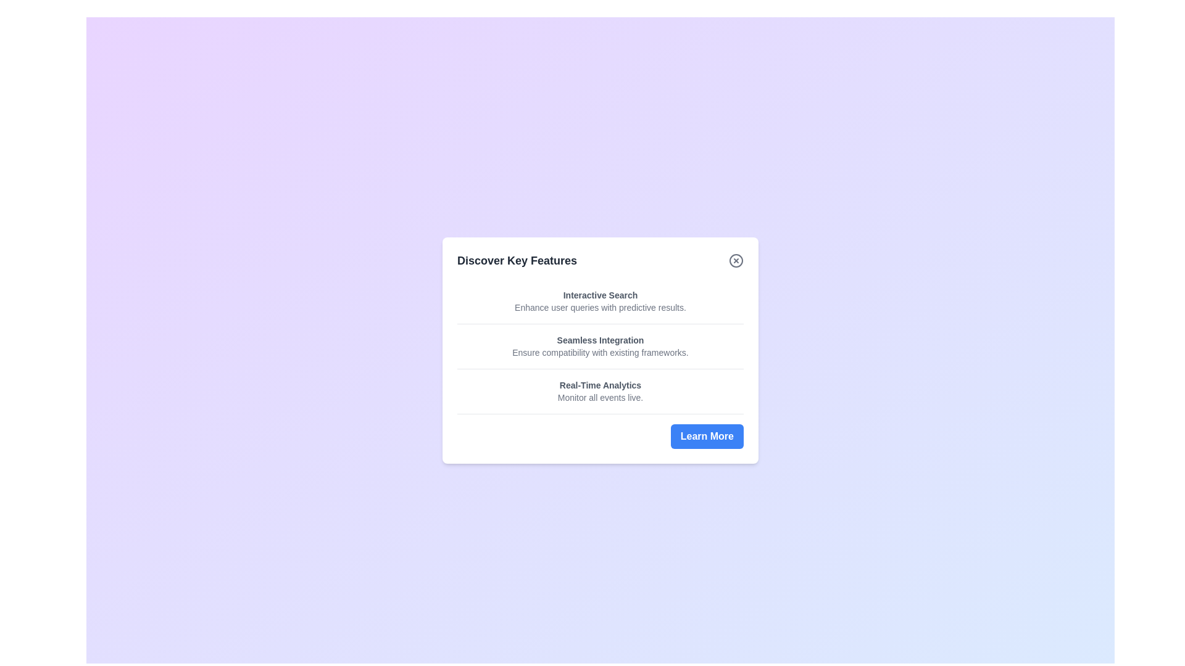 This screenshot has width=1185, height=666. Describe the element at coordinates (736, 260) in the screenshot. I see `the close button (X) to close the dialog` at that location.